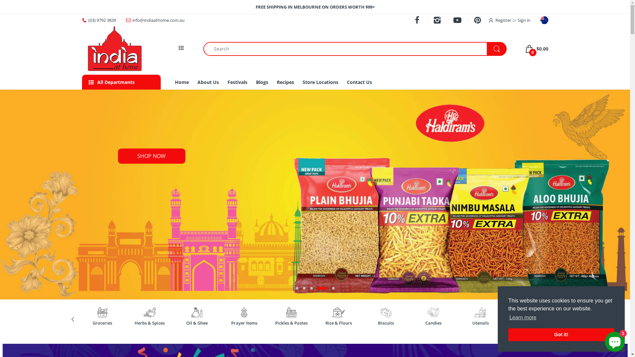 The height and width of the screenshot is (357, 635). I want to click on 'Instagram', so click(438, 20).